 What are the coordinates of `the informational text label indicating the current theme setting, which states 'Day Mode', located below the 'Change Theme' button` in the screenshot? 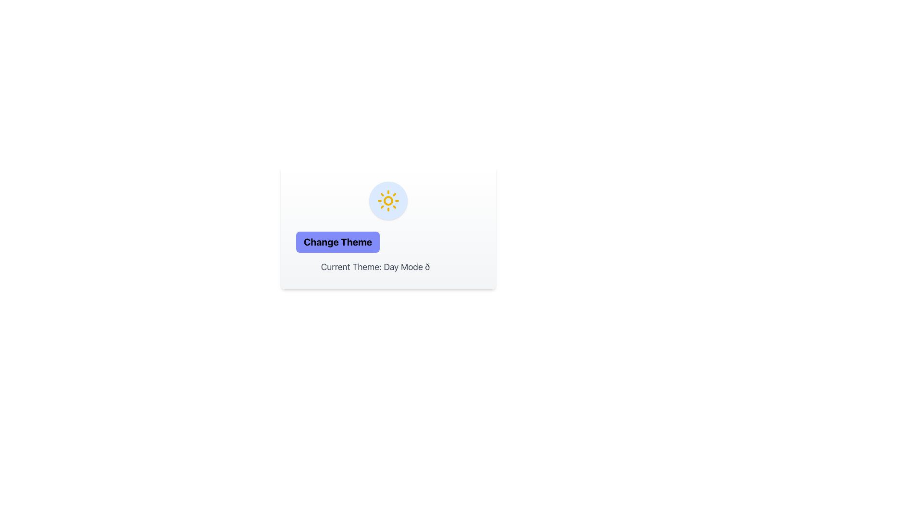 It's located at (388, 267).